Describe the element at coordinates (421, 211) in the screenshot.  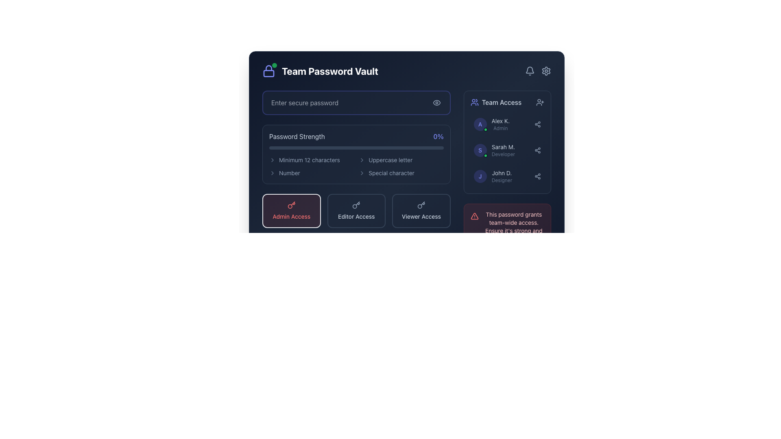
I see `the 'Viewer Access' button, which is a rectangular button with rounded corners, a dark semi-transparent background, and displays a key icon followed by the text 'Viewer Access.' It is the rightmost button in a row of three buttons` at that location.